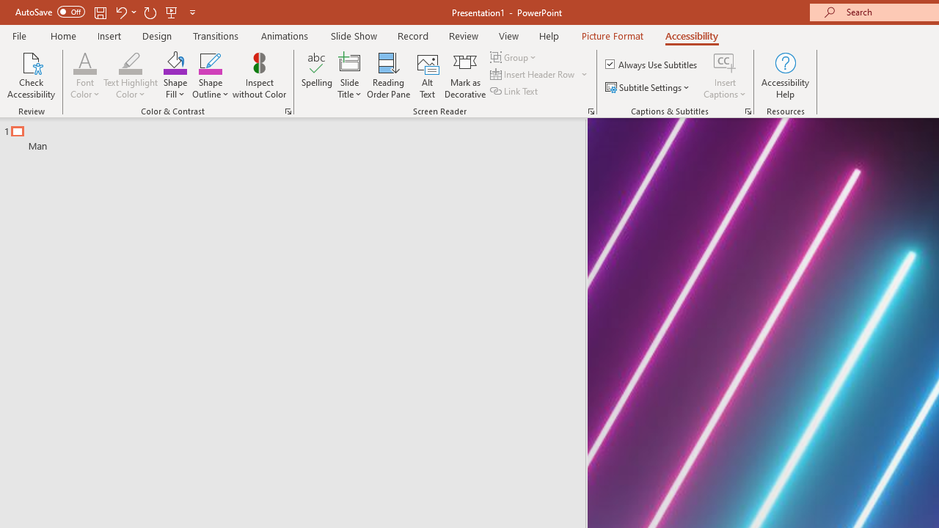 This screenshot has height=528, width=939. What do you see at coordinates (462, 35) in the screenshot?
I see `'Review'` at bounding box center [462, 35].